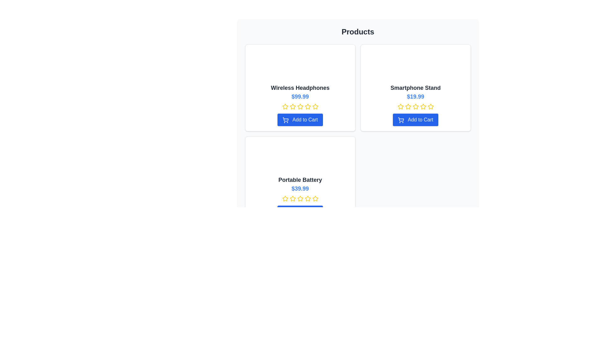  Describe the element at coordinates (292, 199) in the screenshot. I see `the yellow star icon with a hollow center, which is the third star from the left in a row of five stars, to rate the product` at that location.